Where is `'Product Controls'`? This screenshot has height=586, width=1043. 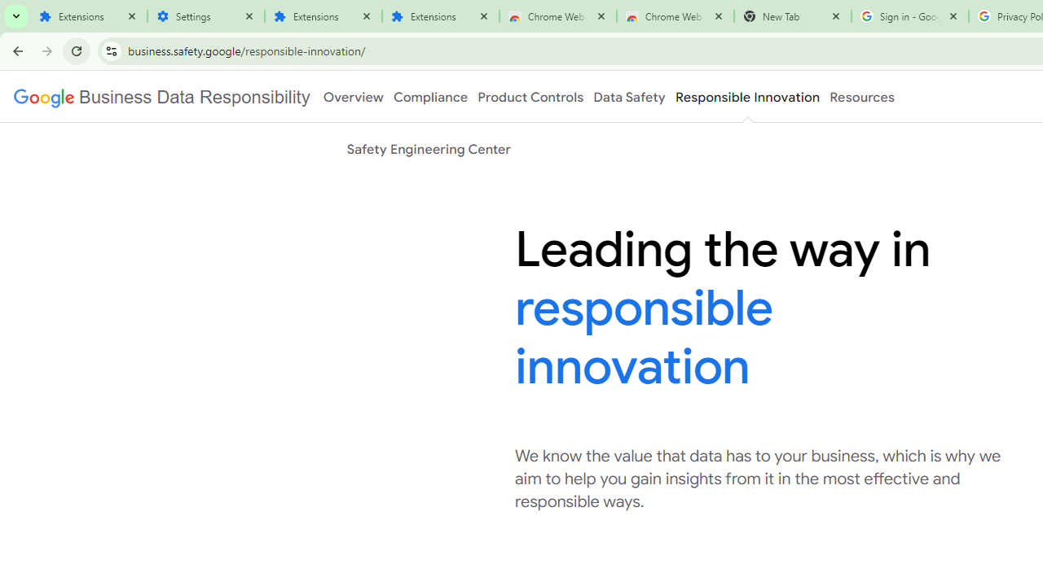
'Product Controls' is located at coordinates (530, 97).